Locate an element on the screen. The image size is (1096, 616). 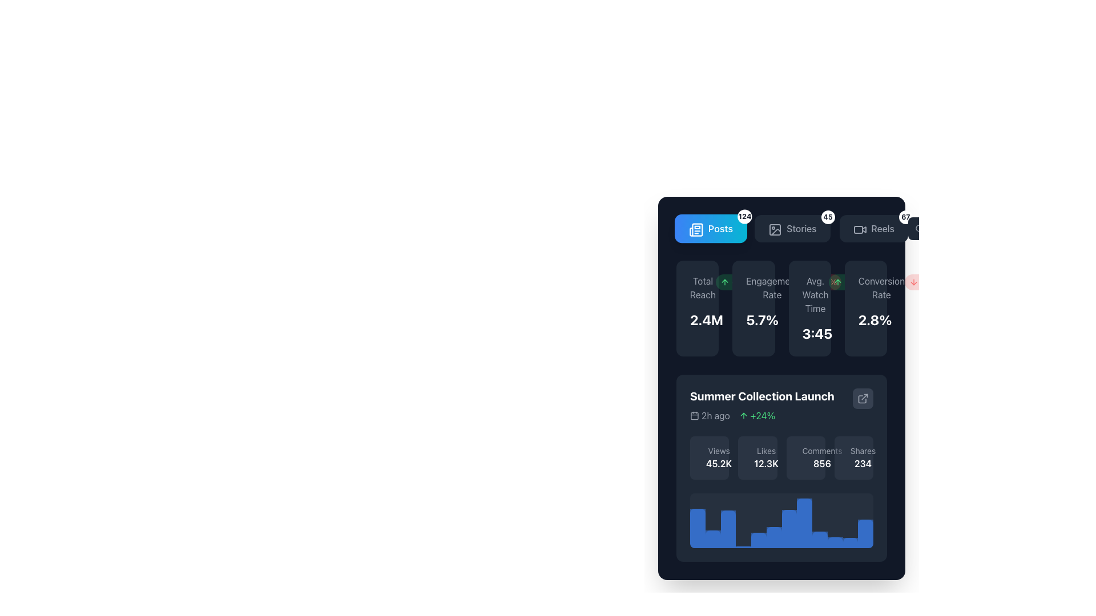
9th bar from the left in the bar chart of the 'Summer Collection Launch' card, which is a small rectangular bar with rounded top corners, colored light blue with a semi-transparent overlay is located at coordinates (819, 539).